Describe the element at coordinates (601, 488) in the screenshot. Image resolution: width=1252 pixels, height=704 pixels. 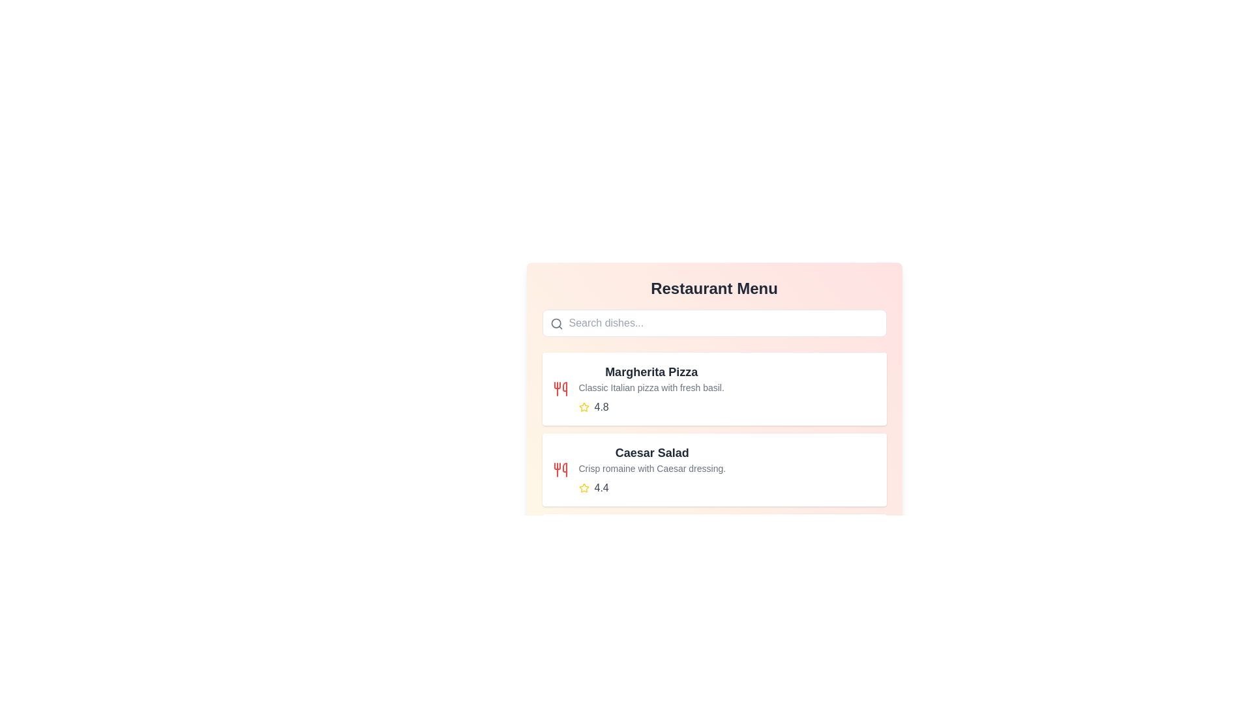
I see `the numeric rating text '4.4' styled with a gray font, which is positioned adjacent to the yellow star icon for the 'Caesar Salad' dish in the vertical list` at that location.